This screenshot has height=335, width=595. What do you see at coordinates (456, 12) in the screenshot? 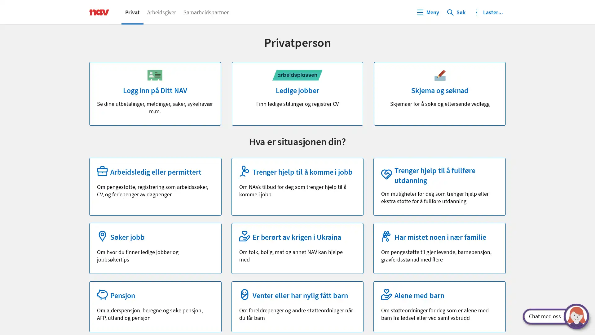
I see `Sk` at bounding box center [456, 12].